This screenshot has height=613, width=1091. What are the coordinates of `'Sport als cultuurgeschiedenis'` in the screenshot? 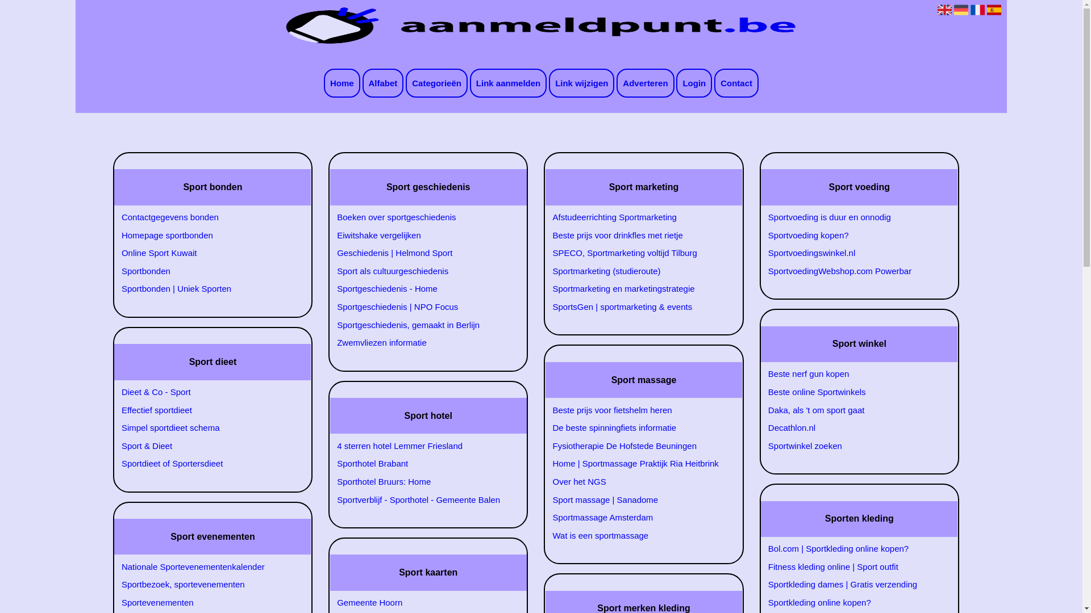 It's located at (421, 271).